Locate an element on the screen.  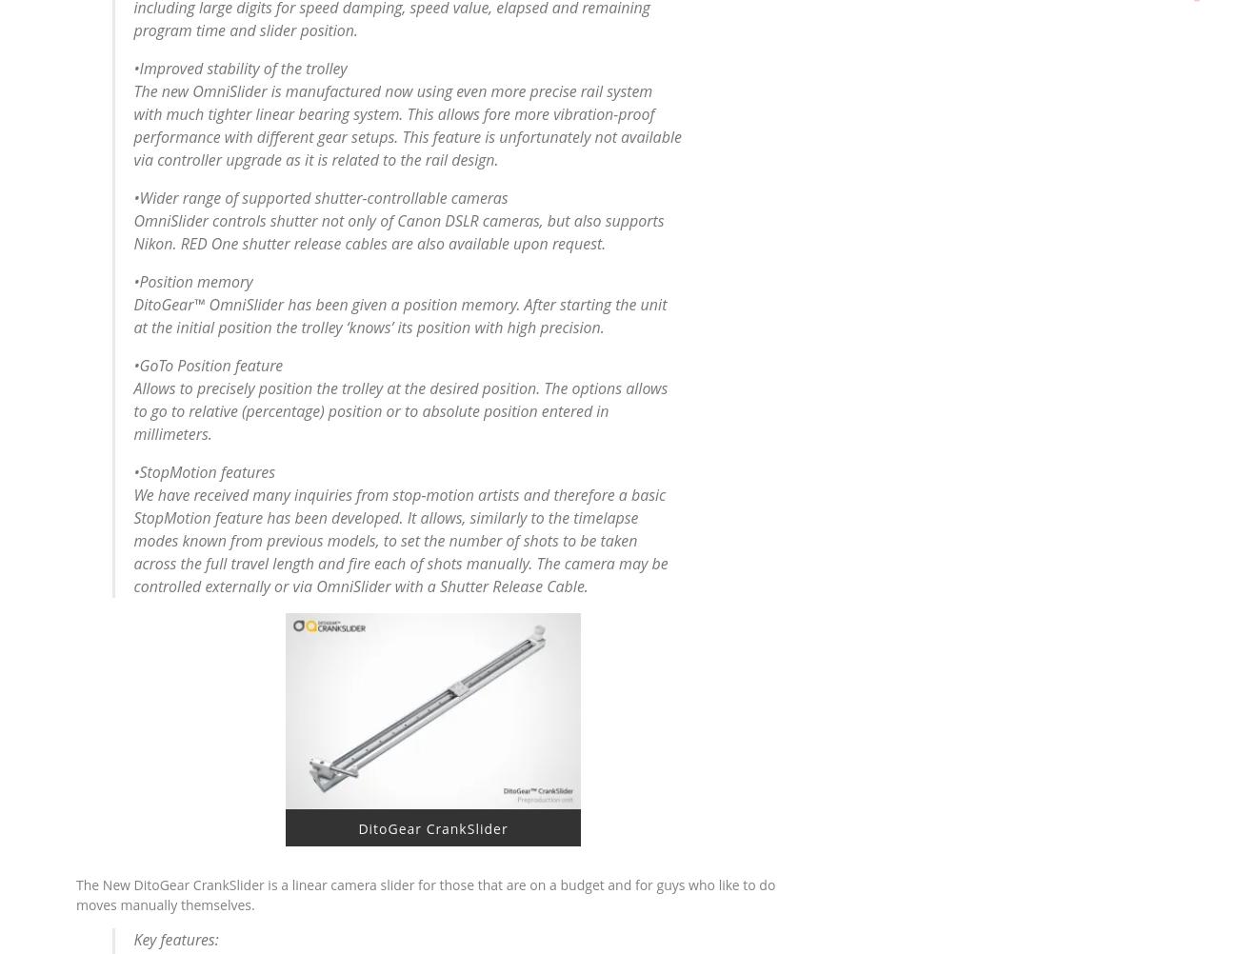
'•Wider range of supported shutter-controllable cameras' is located at coordinates (319, 198).